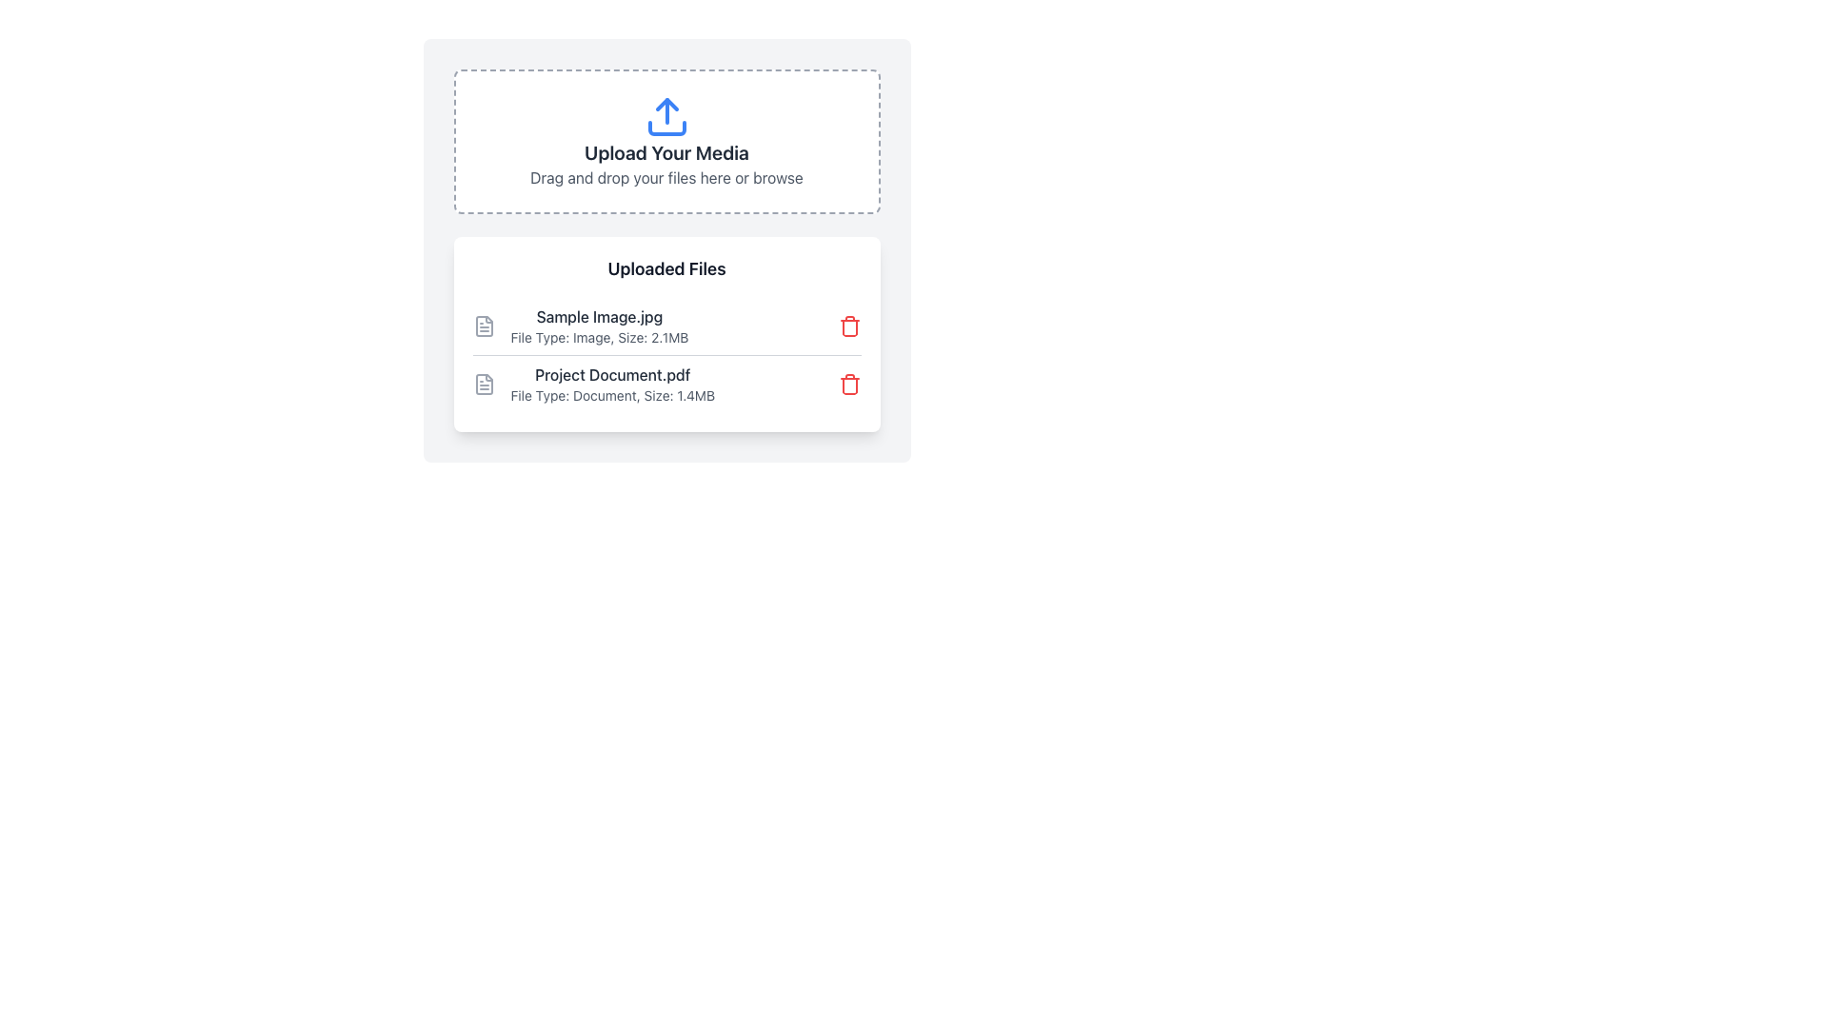 The height and width of the screenshot is (1028, 1828). What do you see at coordinates (612, 374) in the screenshot?
I see `the text label displaying 'Project Document.pdf' located in the 'Uploaded Files' section, which is the second file listed` at bounding box center [612, 374].